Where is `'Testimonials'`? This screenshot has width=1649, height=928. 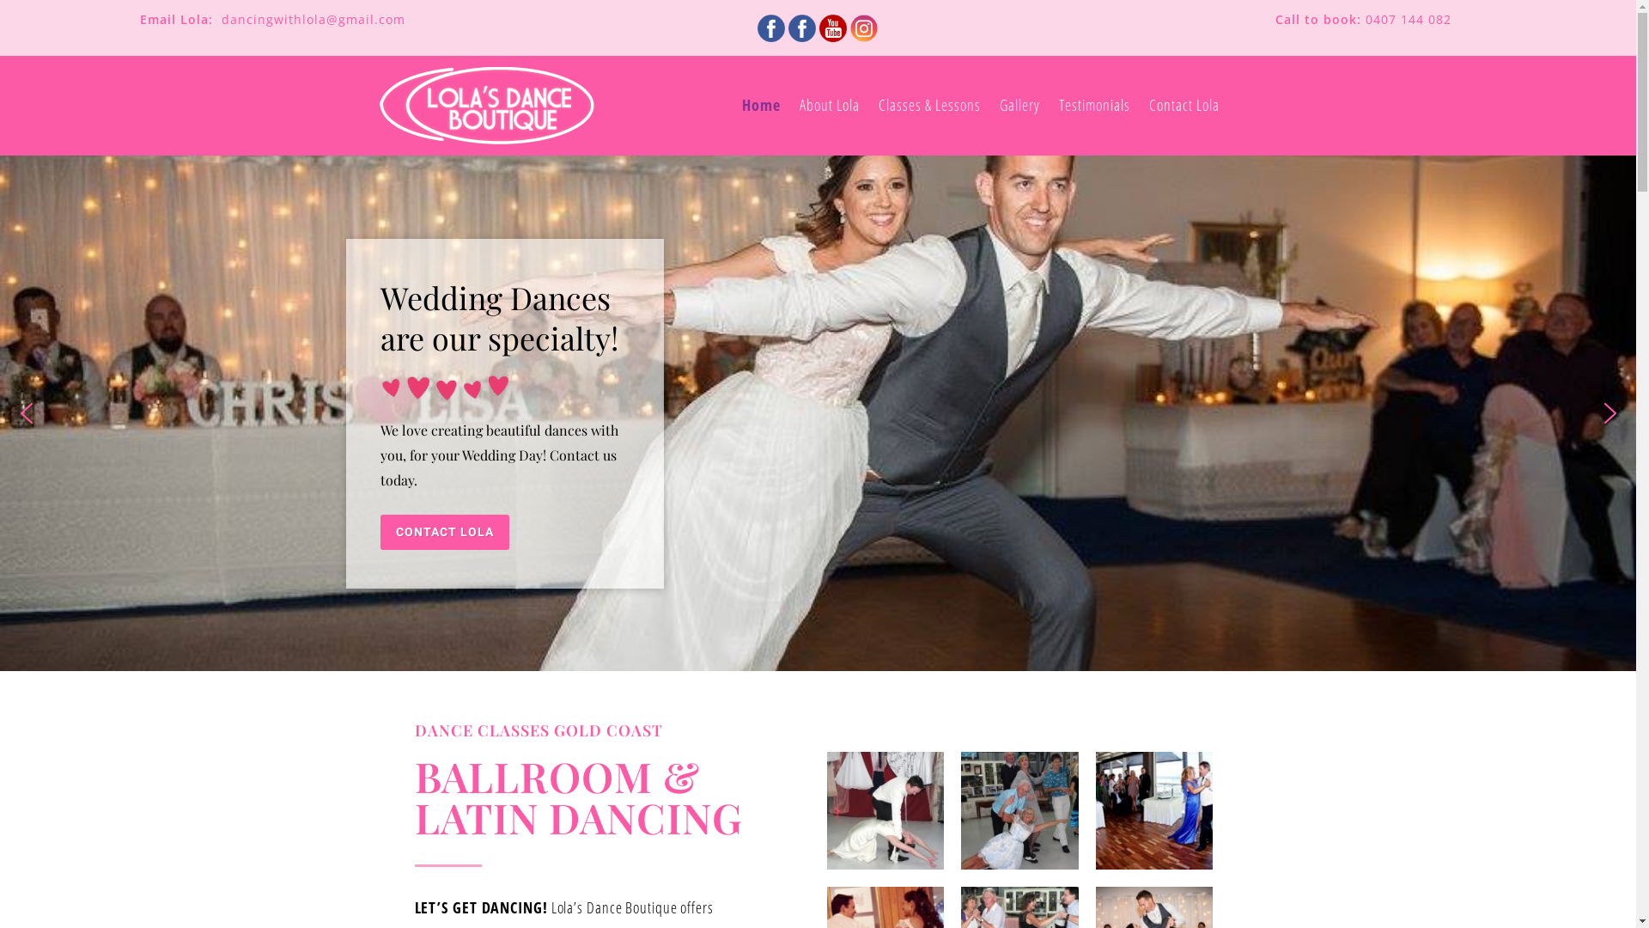
'Testimonials' is located at coordinates (1093, 106).